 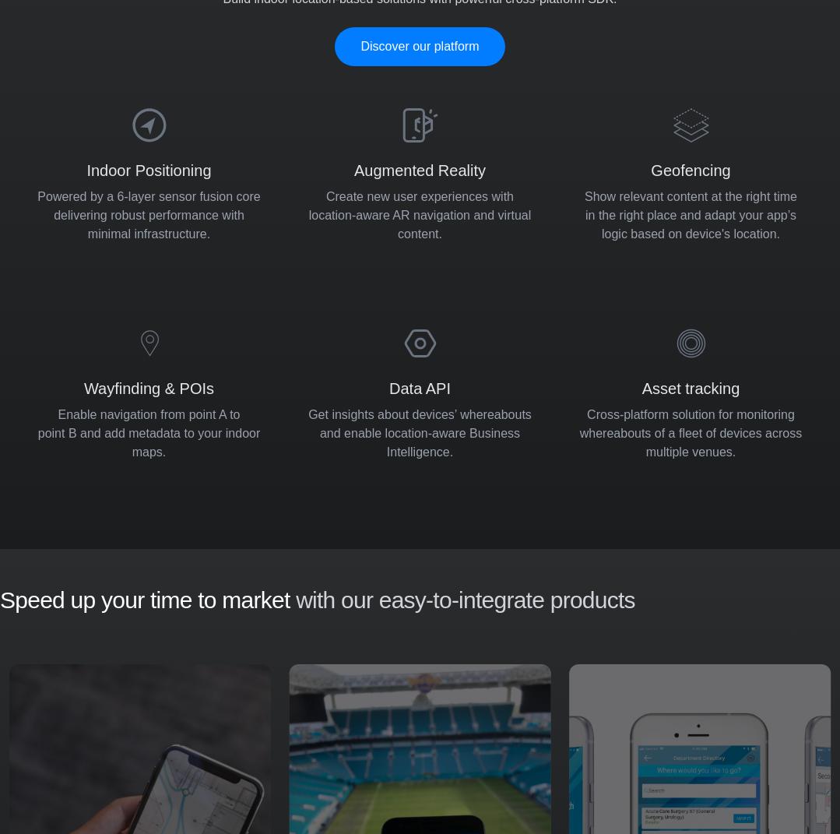 What do you see at coordinates (205, 509) in the screenshot?
I see `'Cases'` at bounding box center [205, 509].